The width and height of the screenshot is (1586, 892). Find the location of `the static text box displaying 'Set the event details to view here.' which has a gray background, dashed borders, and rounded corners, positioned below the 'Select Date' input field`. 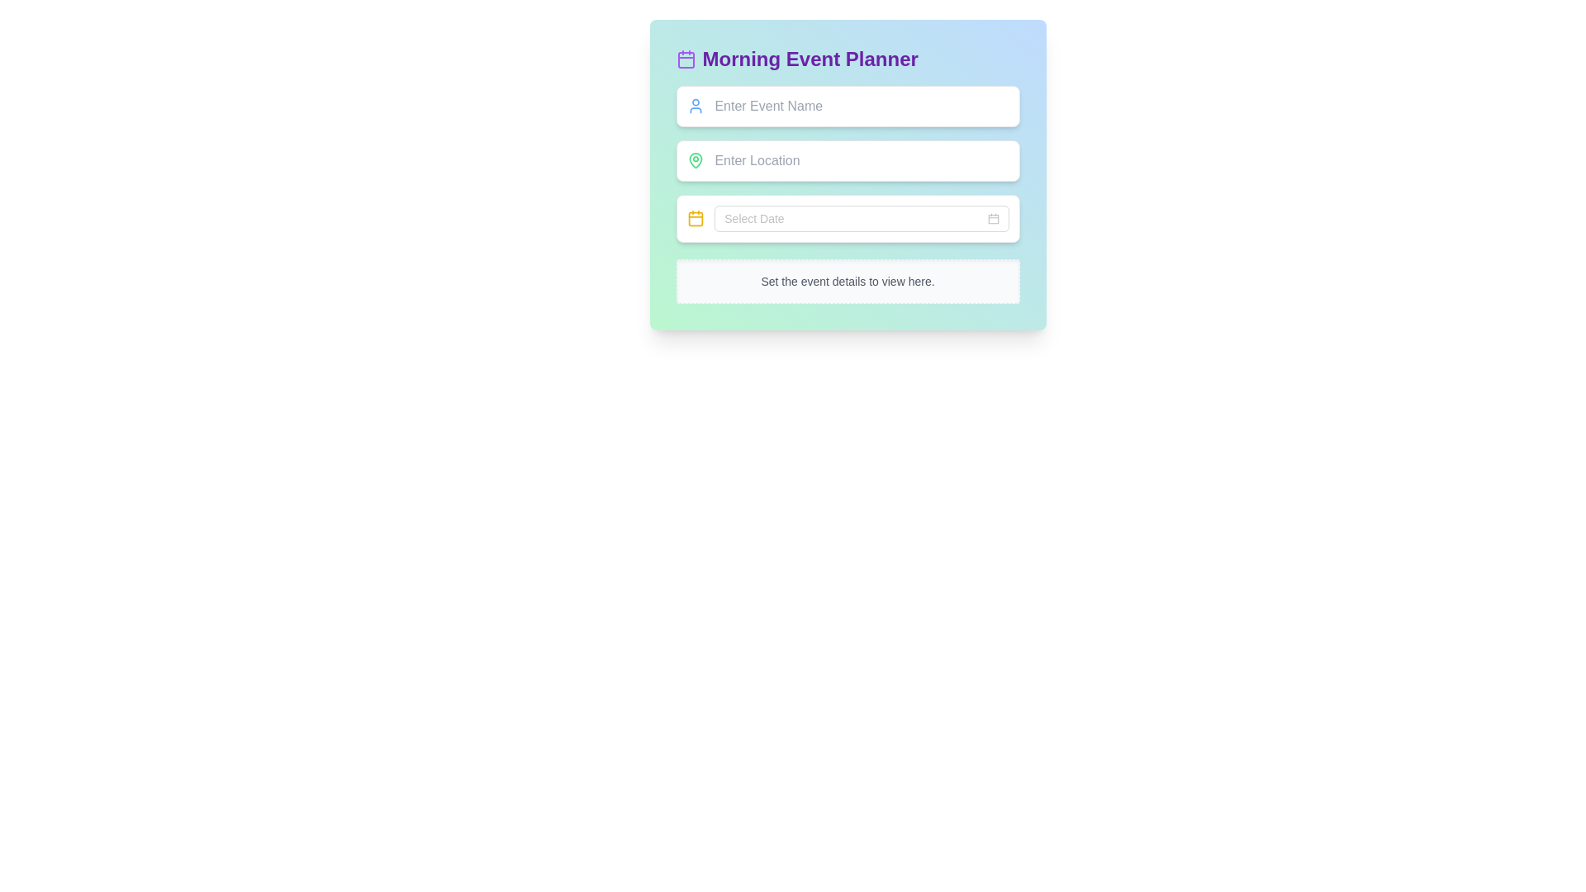

the static text box displaying 'Set the event details to view here.' which has a gray background, dashed borders, and rounded corners, positioned below the 'Select Date' input field is located at coordinates (848, 280).